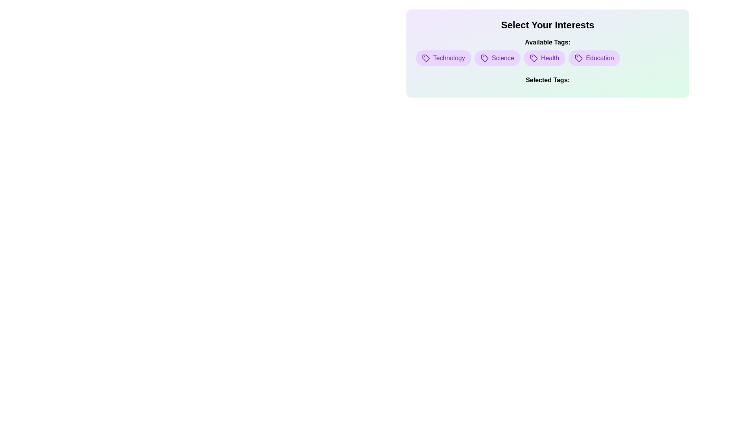  Describe the element at coordinates (484, 57) in the screenshot. I see `the purple tag icon located inside the 'Science' button in the 'Available Tags' section` at that location.